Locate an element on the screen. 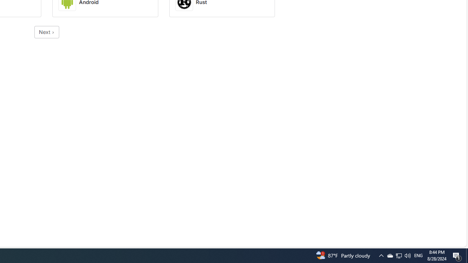  'Class: s8' is located at coordinates (53, 32).